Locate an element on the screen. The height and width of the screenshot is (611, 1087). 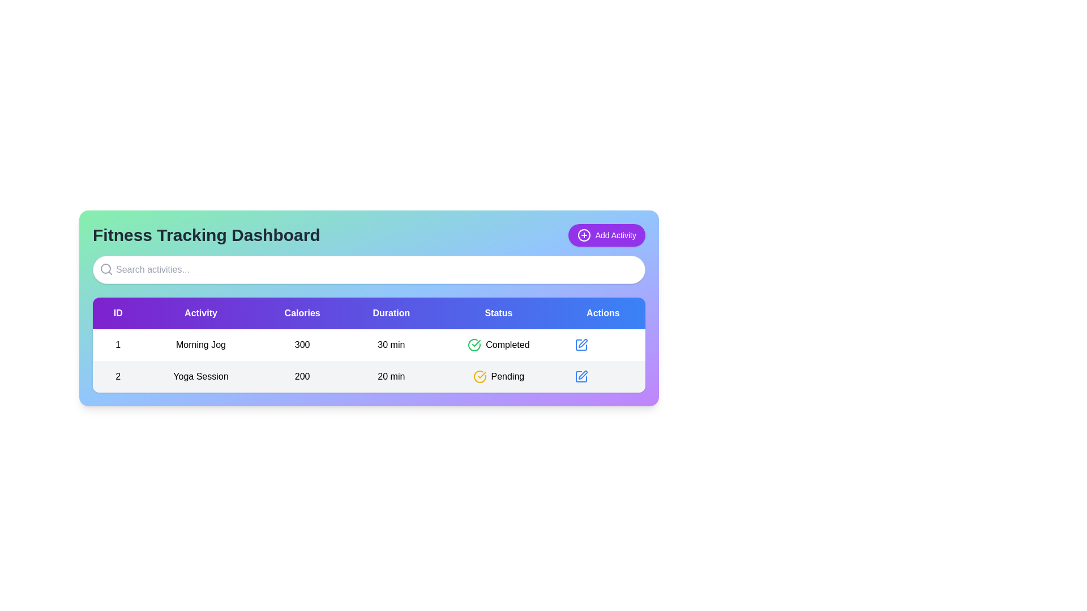
the 'Duration' header title in the table, which is the fourth item in the header row, positioned between 'Calories' and 'Status' is located at coordinates (391, 313).